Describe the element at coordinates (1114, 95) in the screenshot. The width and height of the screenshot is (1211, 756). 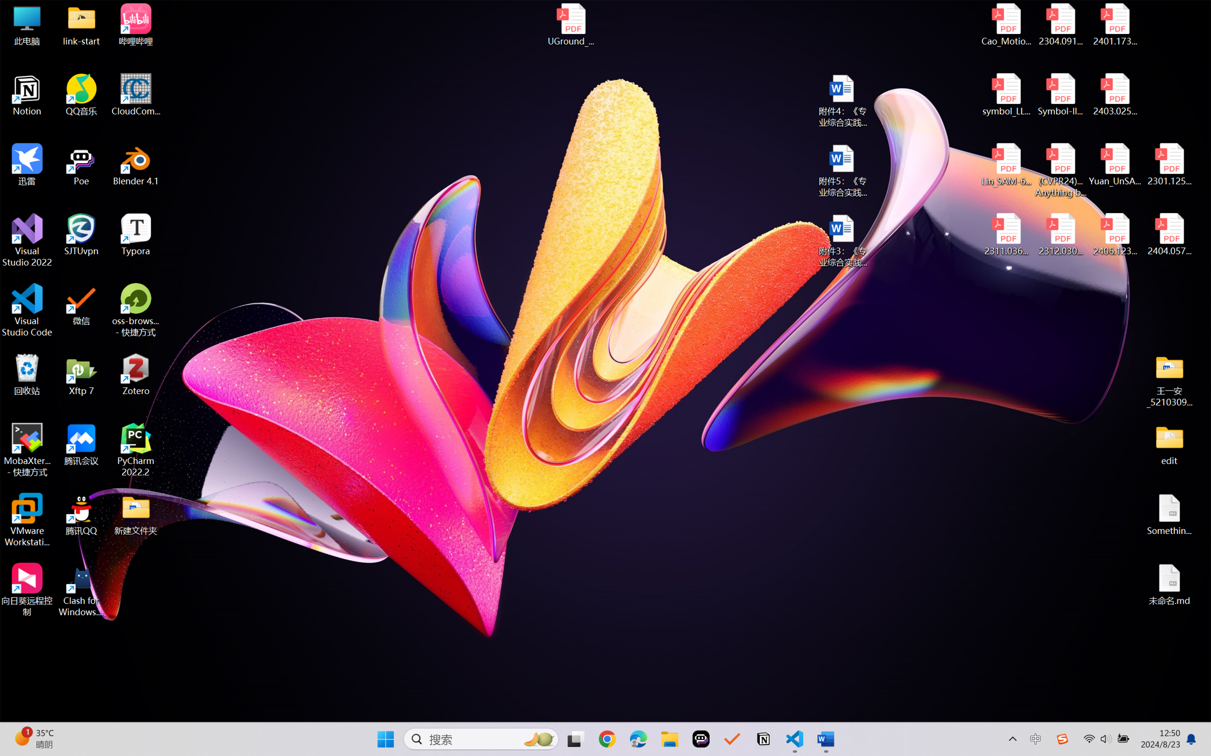
I see `'2403.02502v1.pdf'` at that location.